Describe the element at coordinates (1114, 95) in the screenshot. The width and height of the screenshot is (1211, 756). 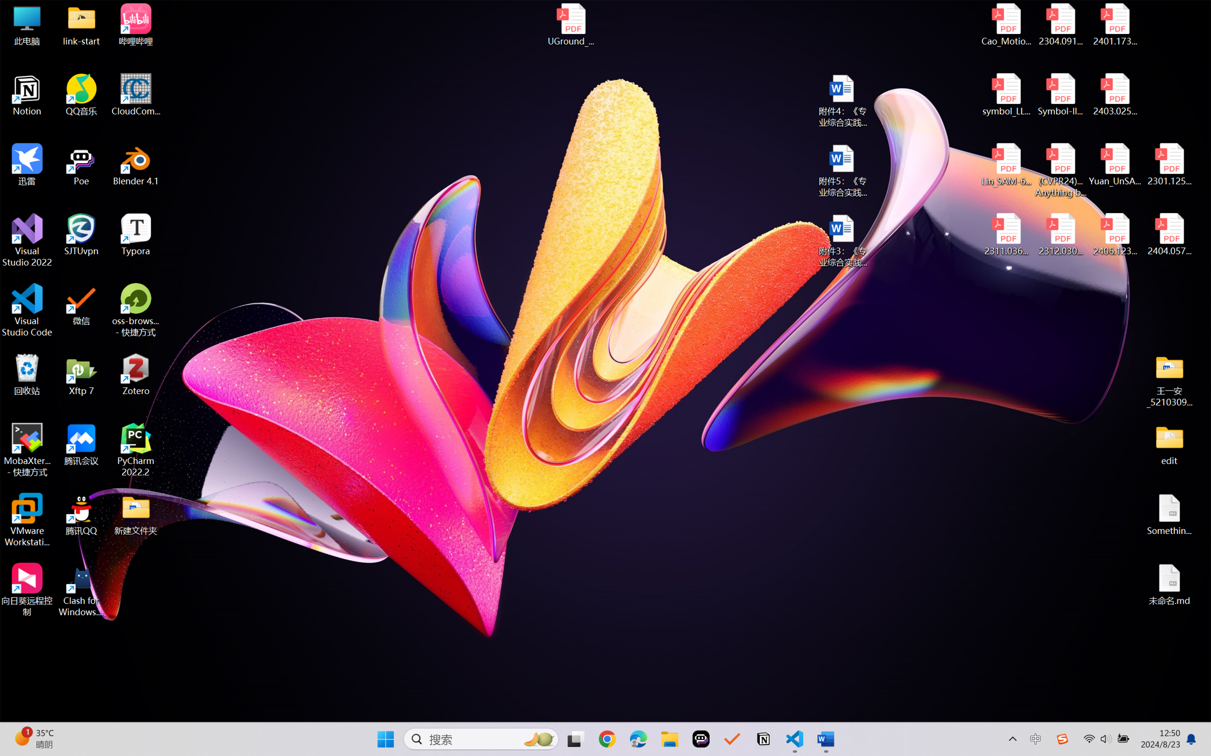
I see `'2403.02502v1.pdf'` at that location.